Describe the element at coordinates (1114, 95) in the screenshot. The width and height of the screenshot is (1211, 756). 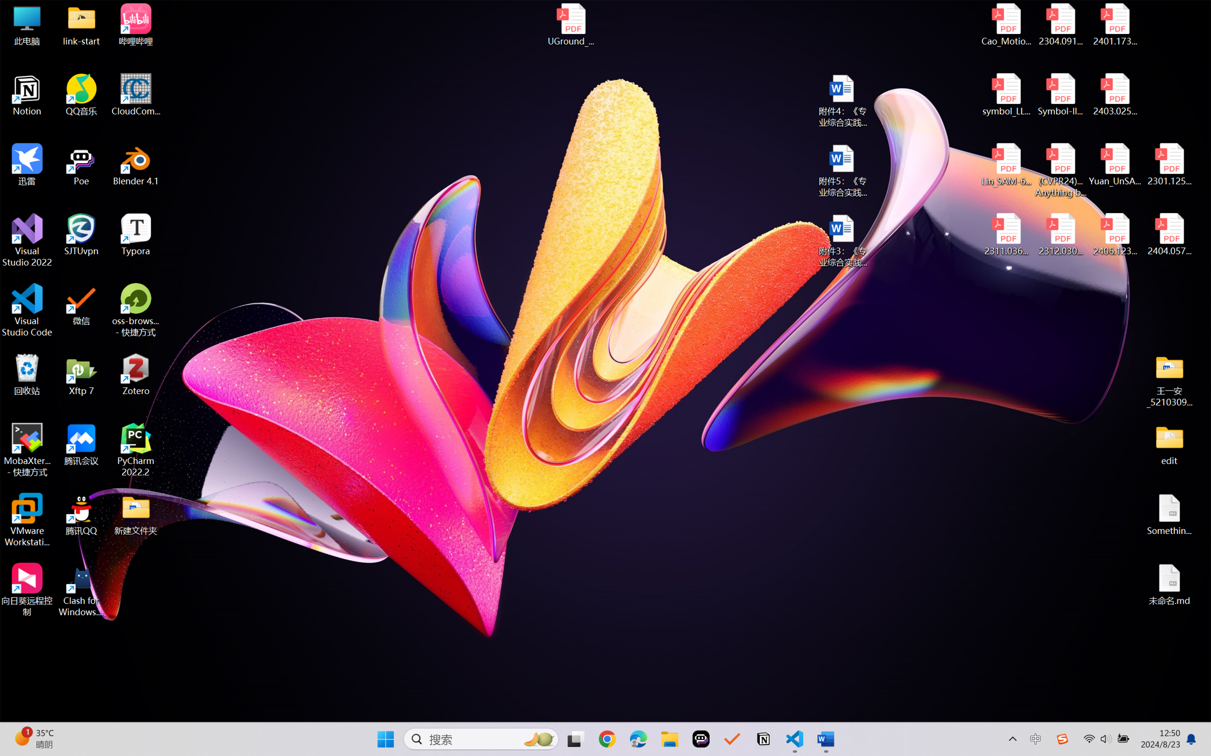
I see `'2403.02502v1.pdf'` at that location.